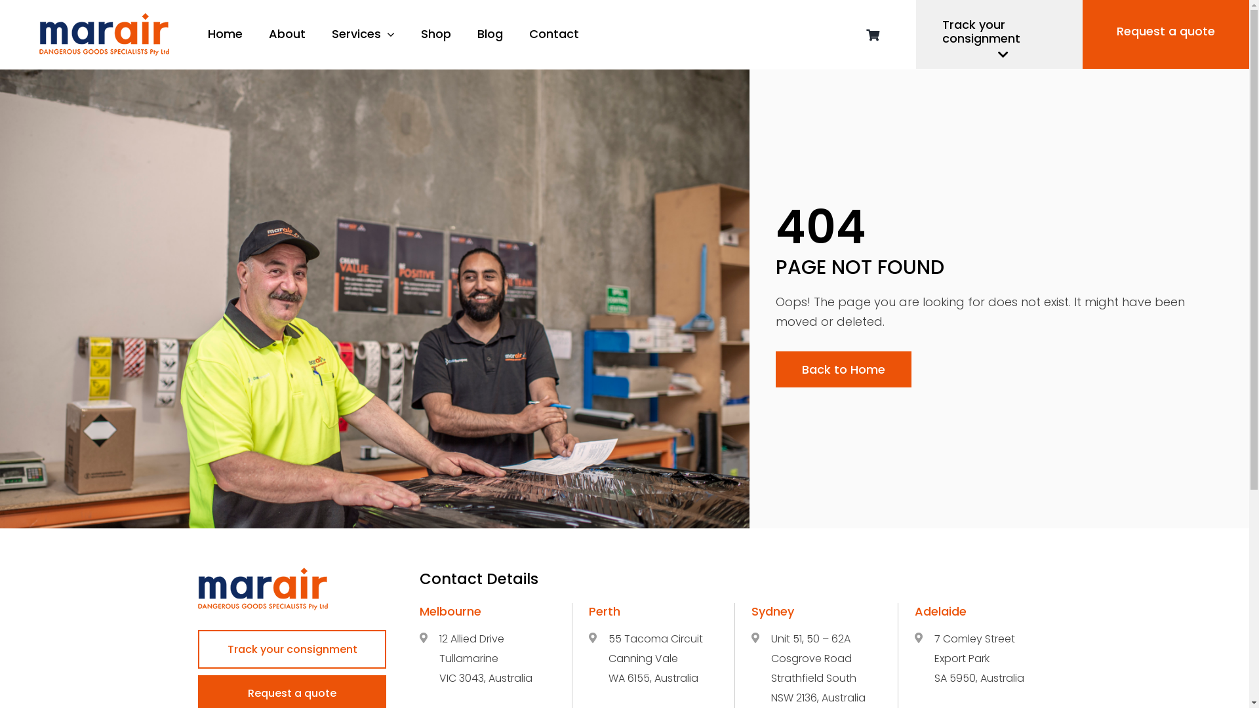 This screenshot has height=708, width=1259. What do you see at coordinates (225, 33) in the screenshot?
I see `'Home'` at bounding box center [225, 33].